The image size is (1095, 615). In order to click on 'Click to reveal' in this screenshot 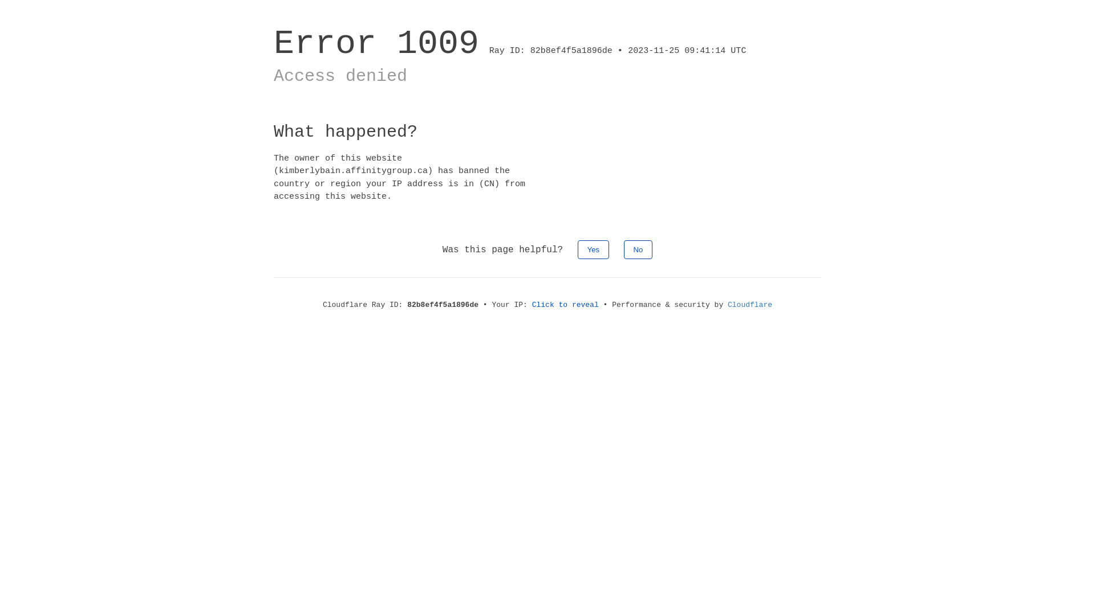, I will do `click(565, 304)`.